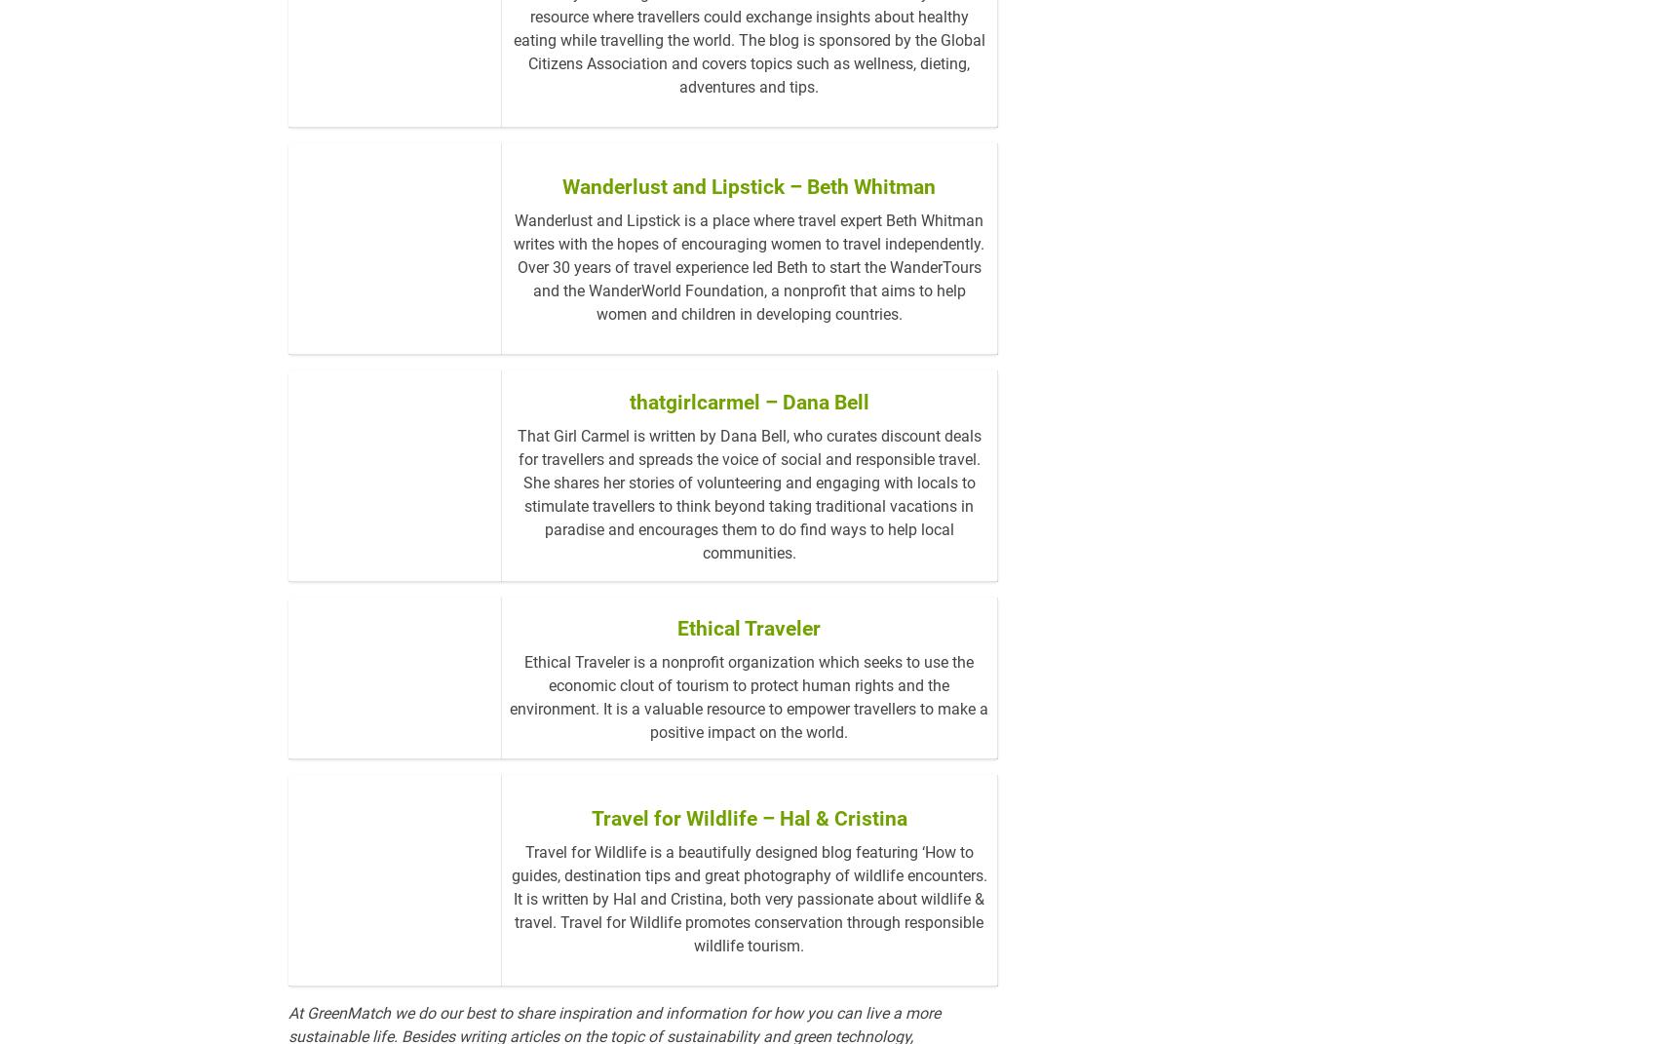 The image size is (1657, 1044). What do you see at coordinates (748, 118) in the screenshot?
I see `'Healthytravelblog.com started with the aim to be a healthy travel resource where travellers could exchange insights about healthy eating while travelling the world. The blog is sponsored by the Global Citizens Association and covers topics such as wellness, dieting, adventures and tips.'` at bounding box center [748, 118].